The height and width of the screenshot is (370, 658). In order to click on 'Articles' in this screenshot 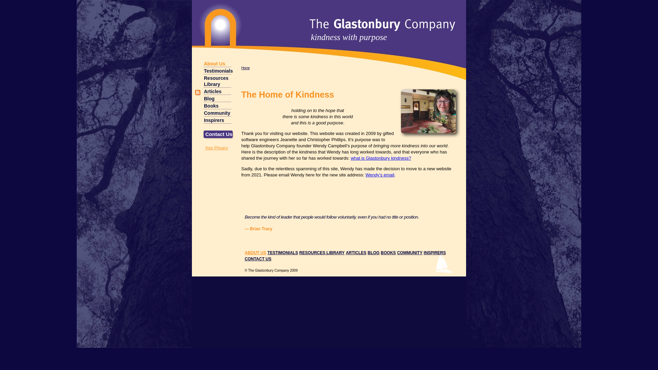, I will do `click(217, 91)`.